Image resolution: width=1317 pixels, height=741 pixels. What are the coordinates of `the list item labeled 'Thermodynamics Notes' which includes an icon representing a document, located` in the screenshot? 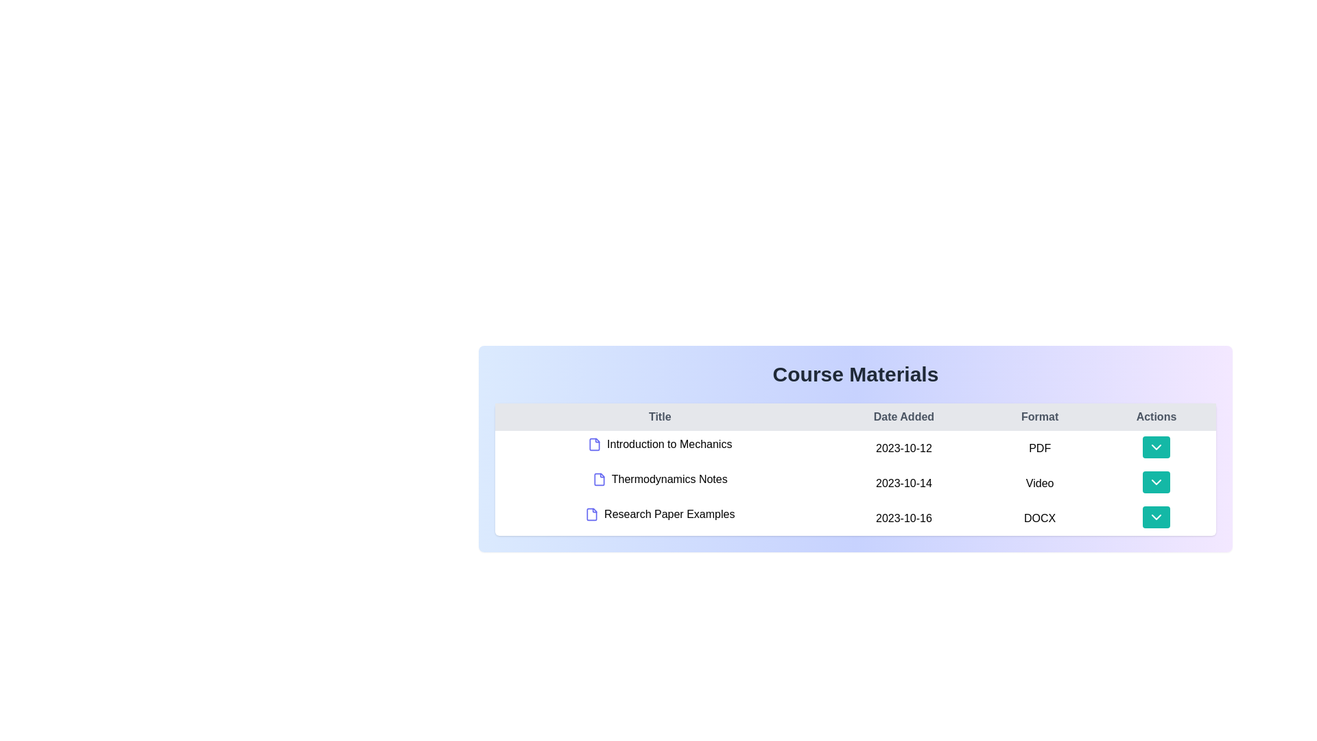 It's located at (659, 478).